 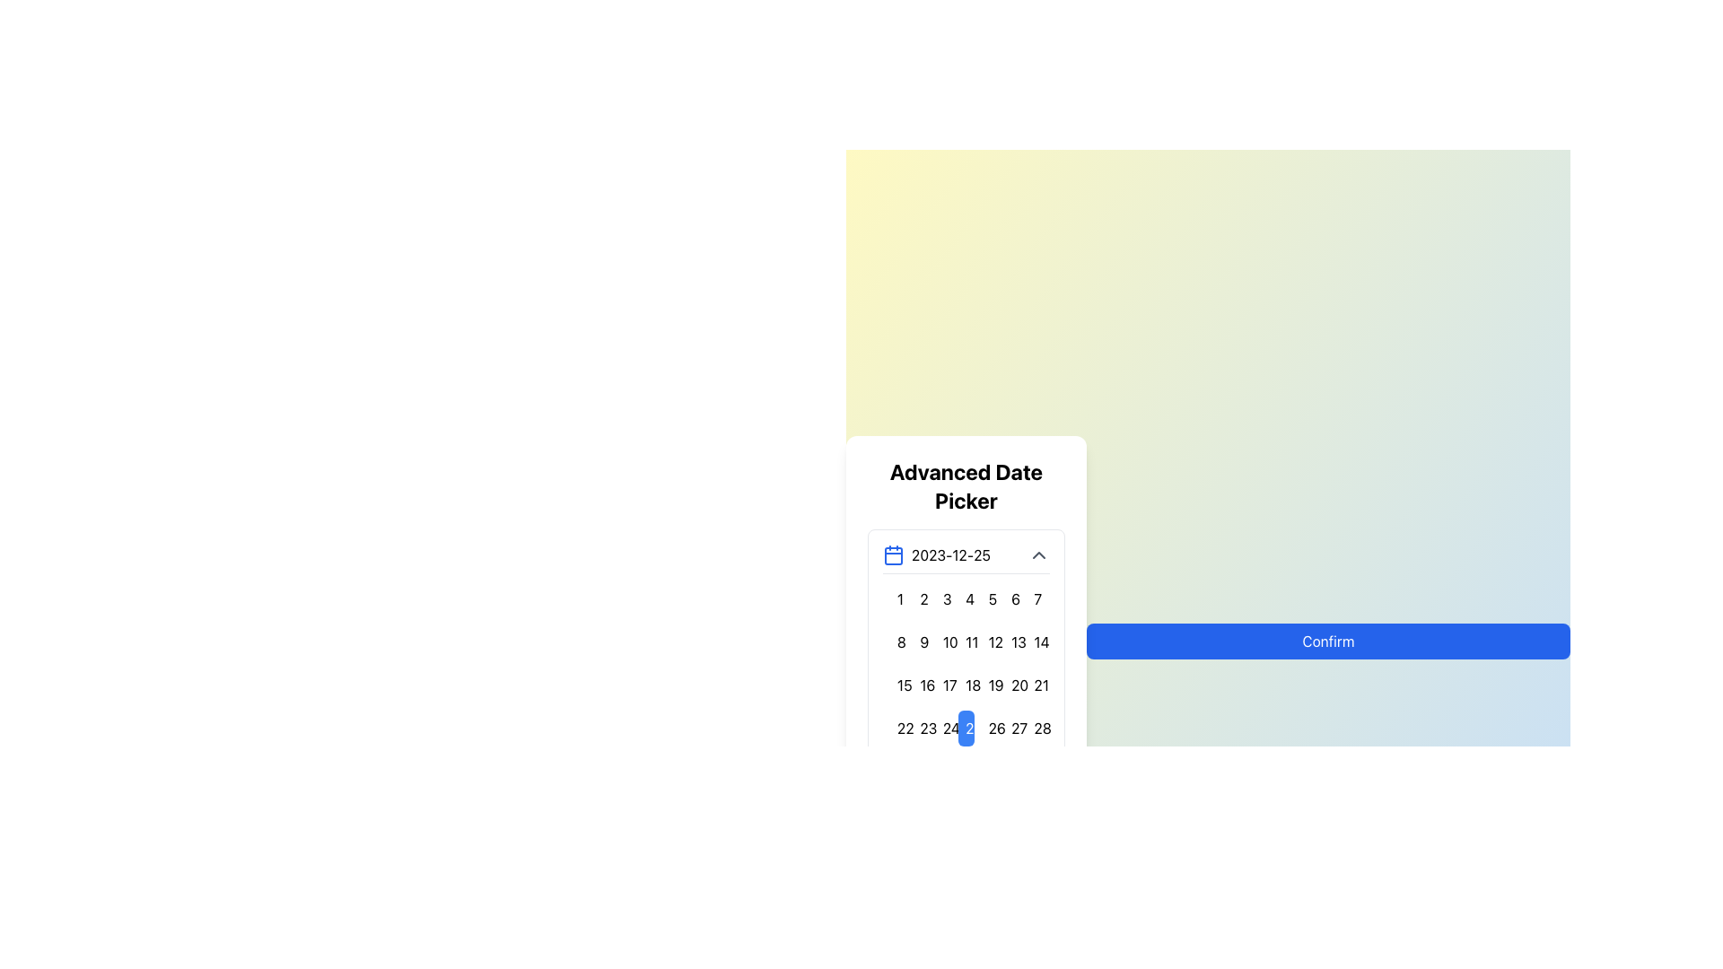 I want to click on the rounded rectangular button displaying '17' located in the third column of the third row in the date picker calendar interface, so click(x=942, y=685).